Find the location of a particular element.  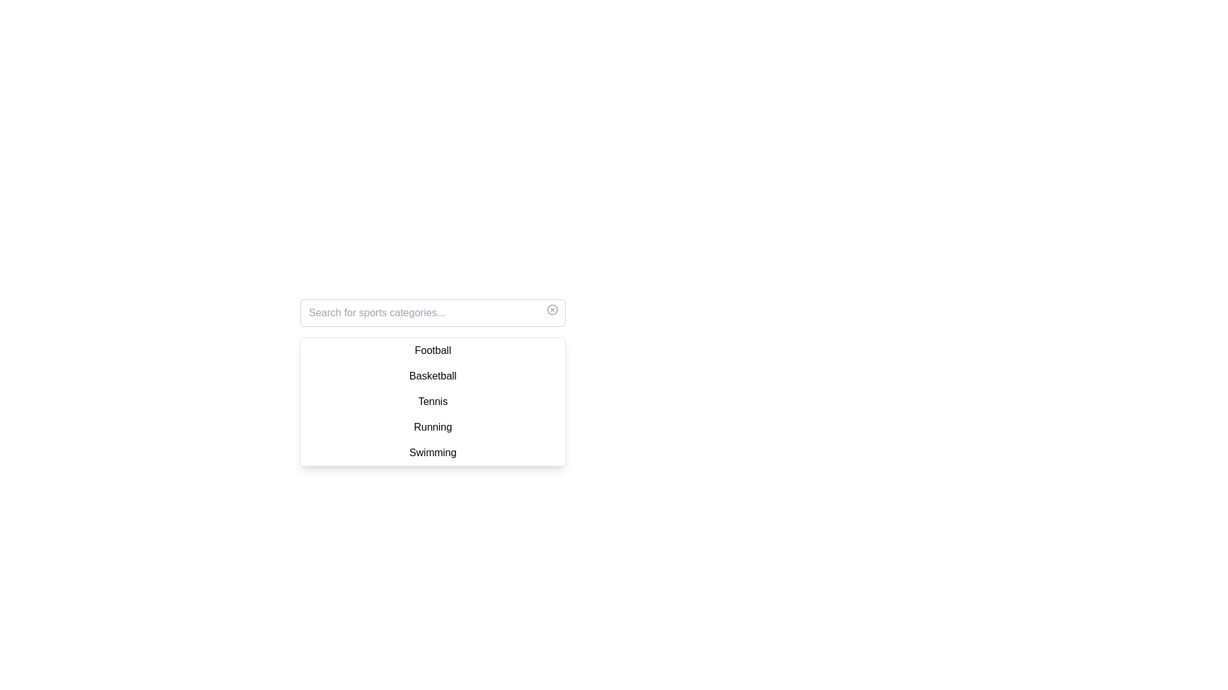

the 'Basketball' selectable option in the dropdown menu is located at coordinates (432, 381).